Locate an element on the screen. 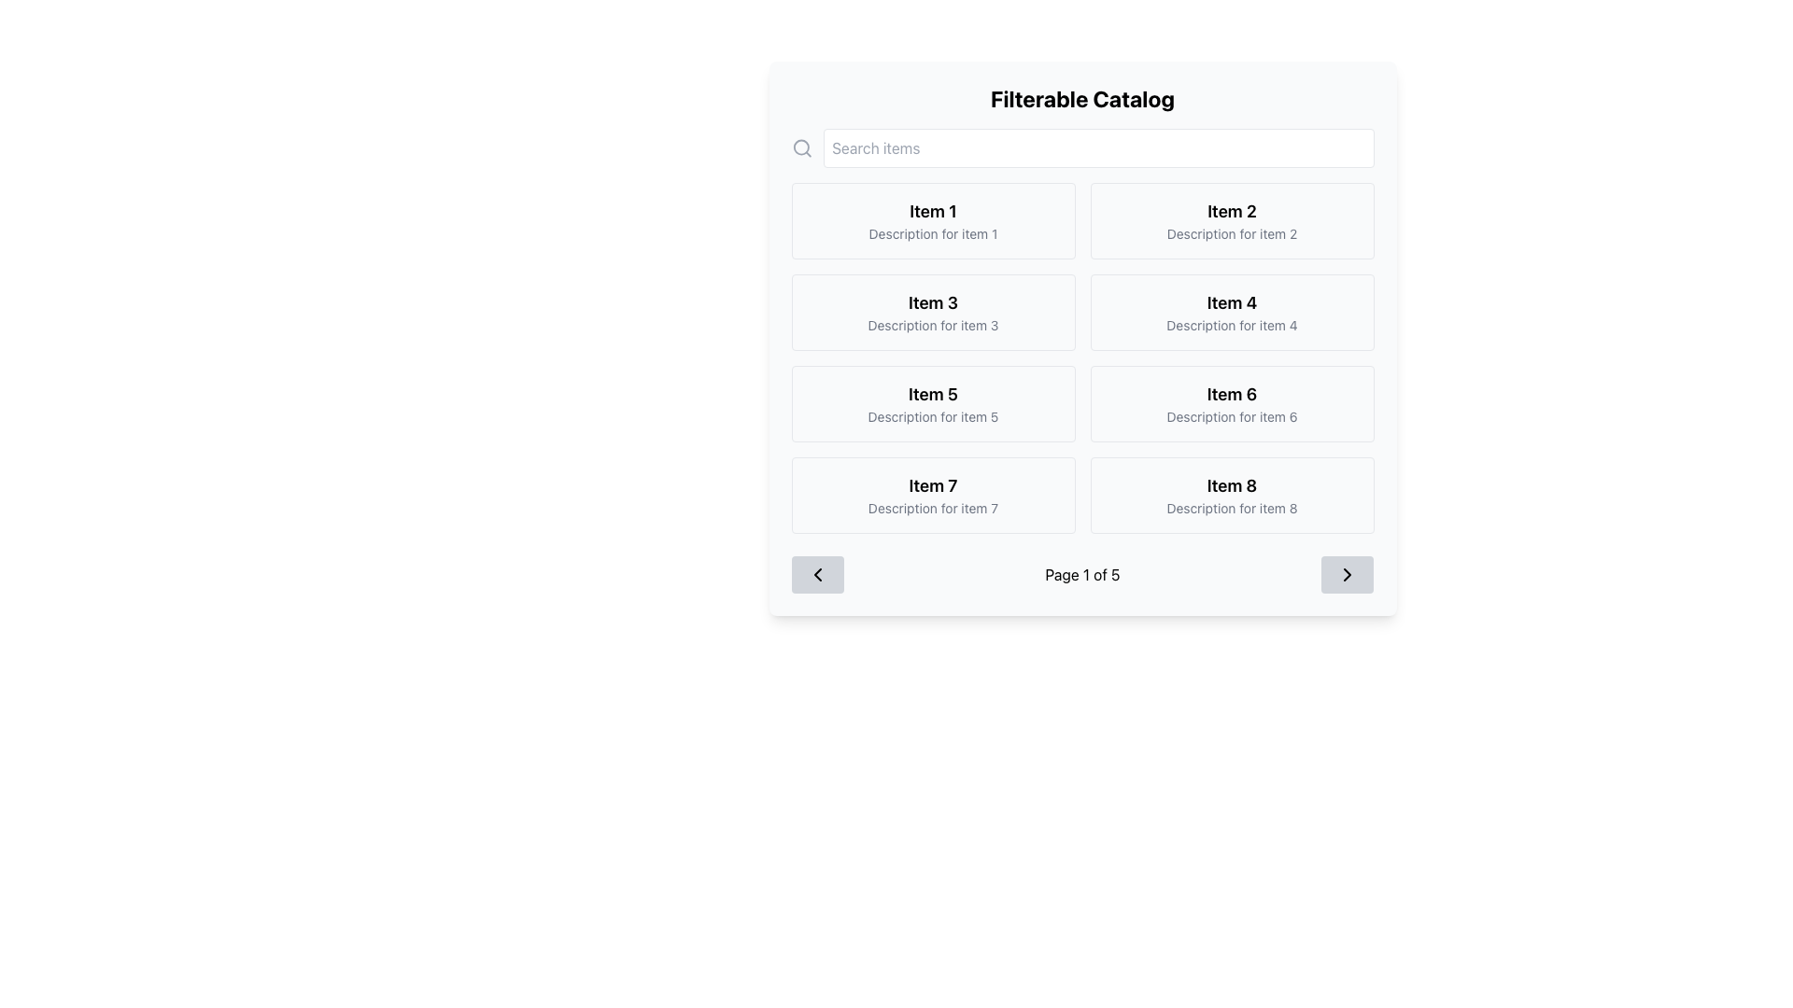  the left-facing arrow button with a light gray background located in the navigation panel at the bottom center of the interface to go to the previous page is located at coordinates (817, 574).